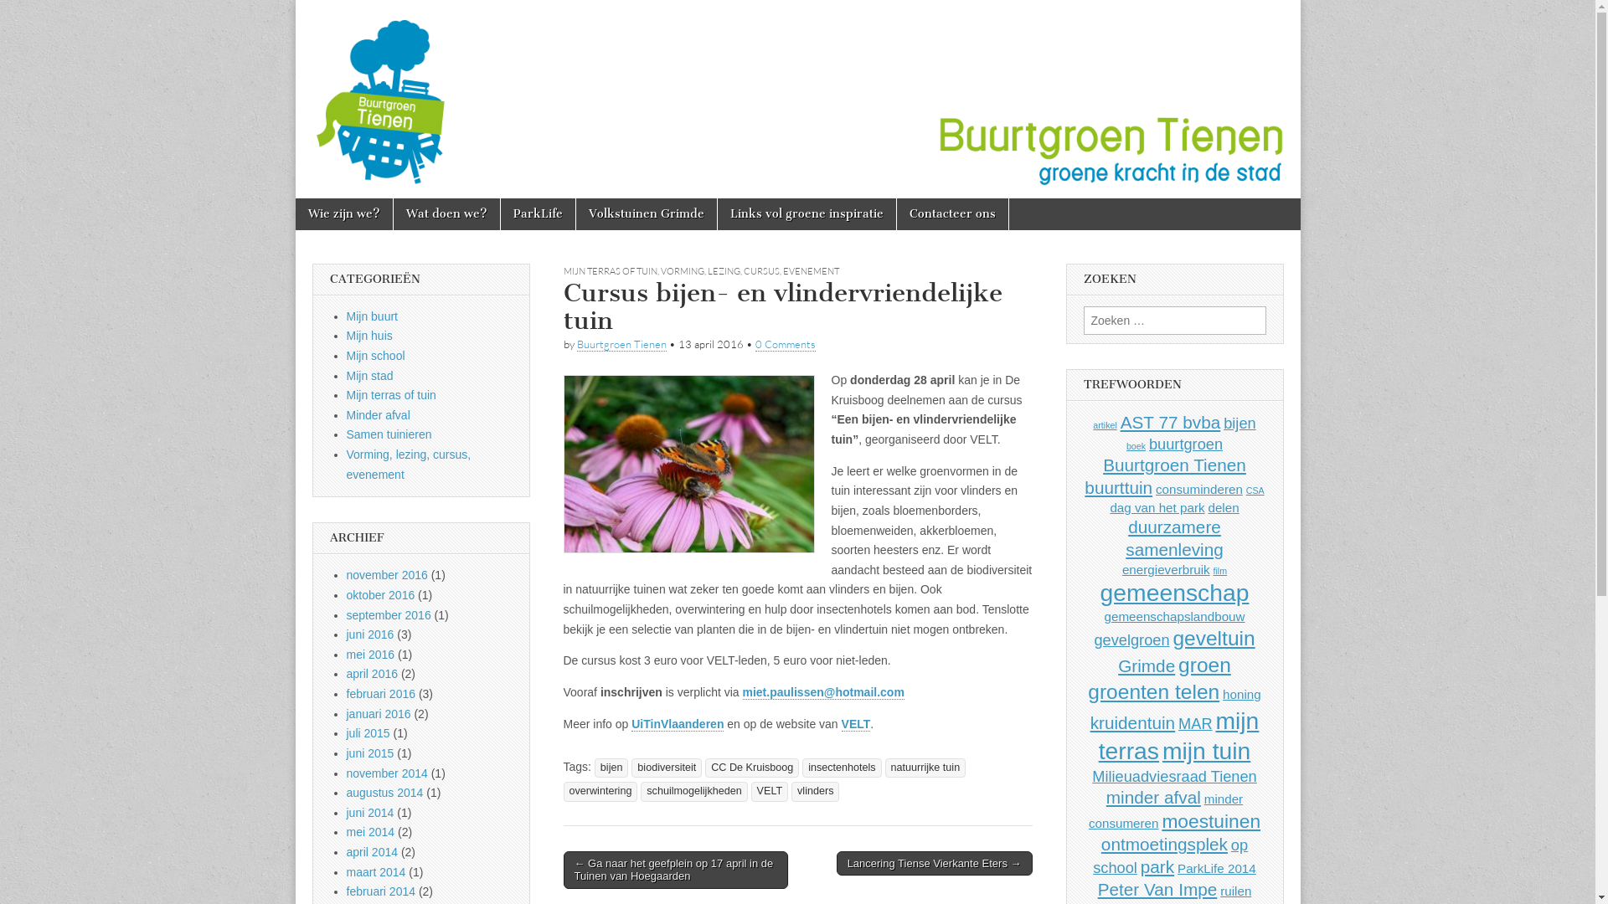 The image size is (1608, 904). I want to click on 'insectenhotels', so click(842, 768).